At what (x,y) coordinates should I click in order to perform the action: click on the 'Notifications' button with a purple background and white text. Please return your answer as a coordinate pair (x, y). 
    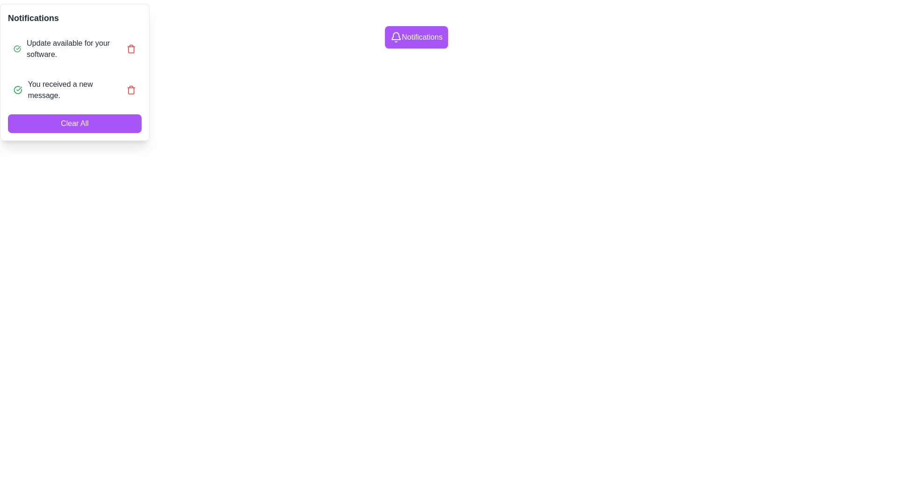
    Looking at the image, I should click on (416, 37).